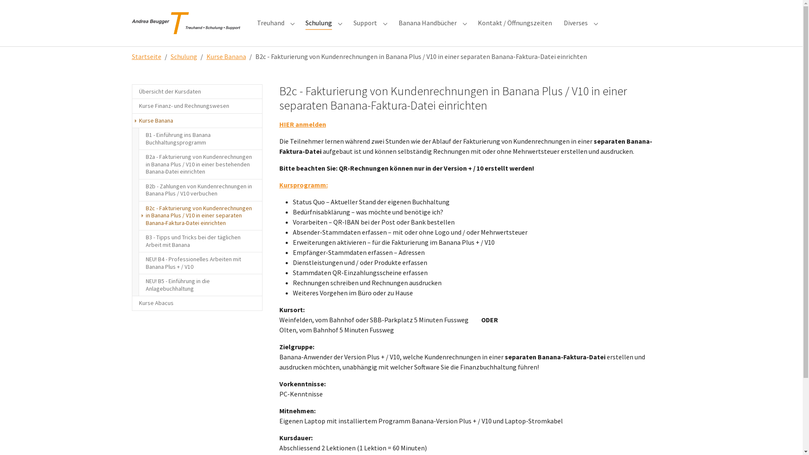  Describe the element at coordinates (575, 22) in the screenshot. I see `'Diverses'` at that location.